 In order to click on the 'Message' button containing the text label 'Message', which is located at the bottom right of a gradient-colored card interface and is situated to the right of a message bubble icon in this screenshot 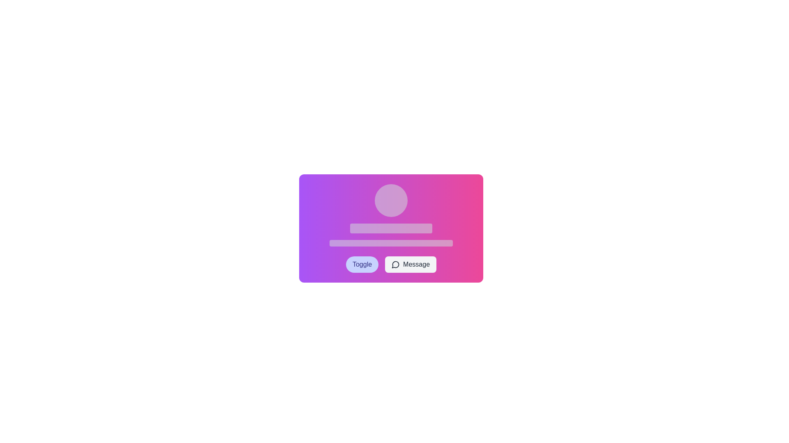, I will do `click(416, 264)`.